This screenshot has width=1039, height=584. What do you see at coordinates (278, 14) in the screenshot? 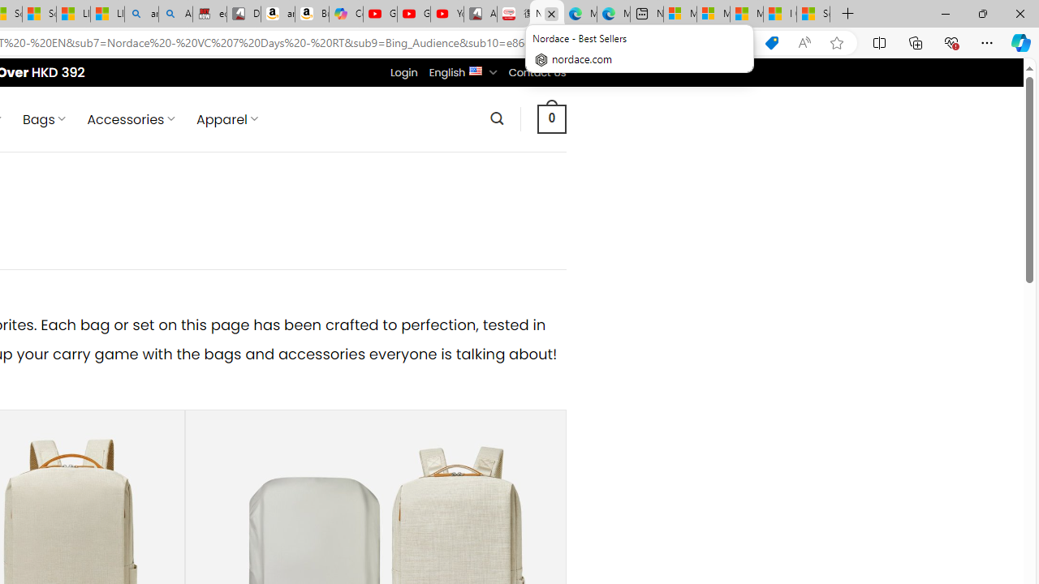
I see `'amazon.in/dp/B0CX59H5W7/?tag=gsmcom05-21'` at bounding box center [278, 14].